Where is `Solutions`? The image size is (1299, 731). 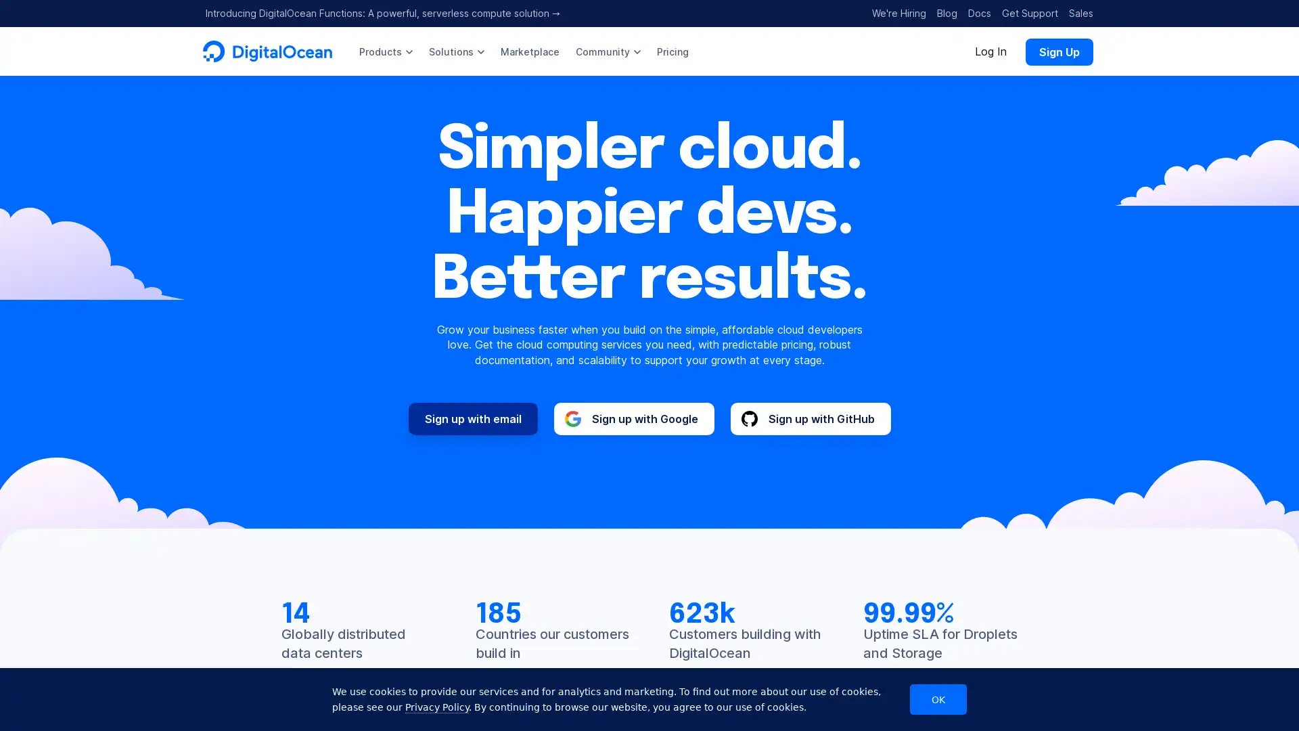 Solutions is located at coordinates (457, 51).